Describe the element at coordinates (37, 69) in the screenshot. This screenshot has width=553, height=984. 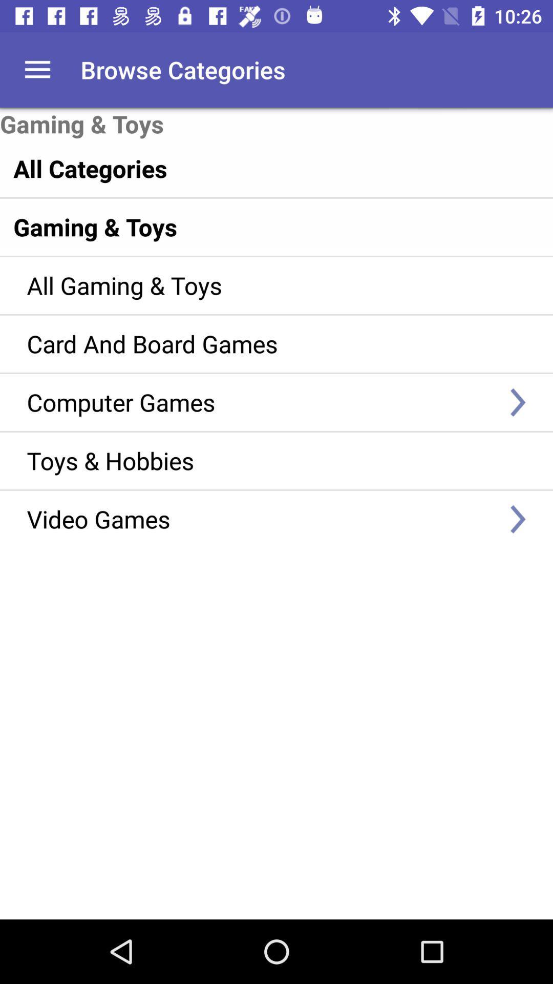
I see `the icon to the left of browse categories icon` at that location.